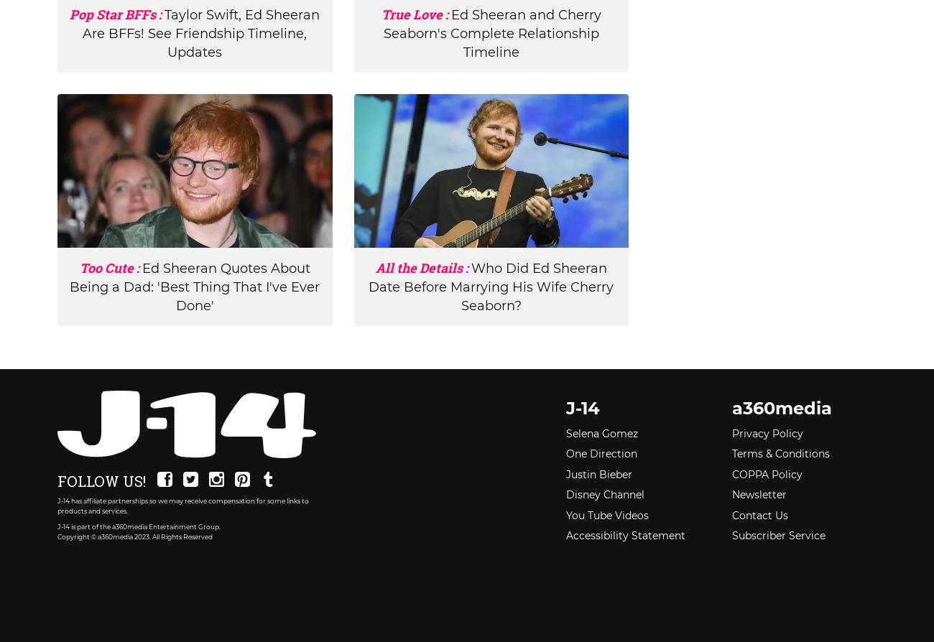  What do you see at coordinates (139, 526) in the screenshot?
I see `'J-14 is part of the a360media Entertainment Group.'` at bounding box center [139, 526].